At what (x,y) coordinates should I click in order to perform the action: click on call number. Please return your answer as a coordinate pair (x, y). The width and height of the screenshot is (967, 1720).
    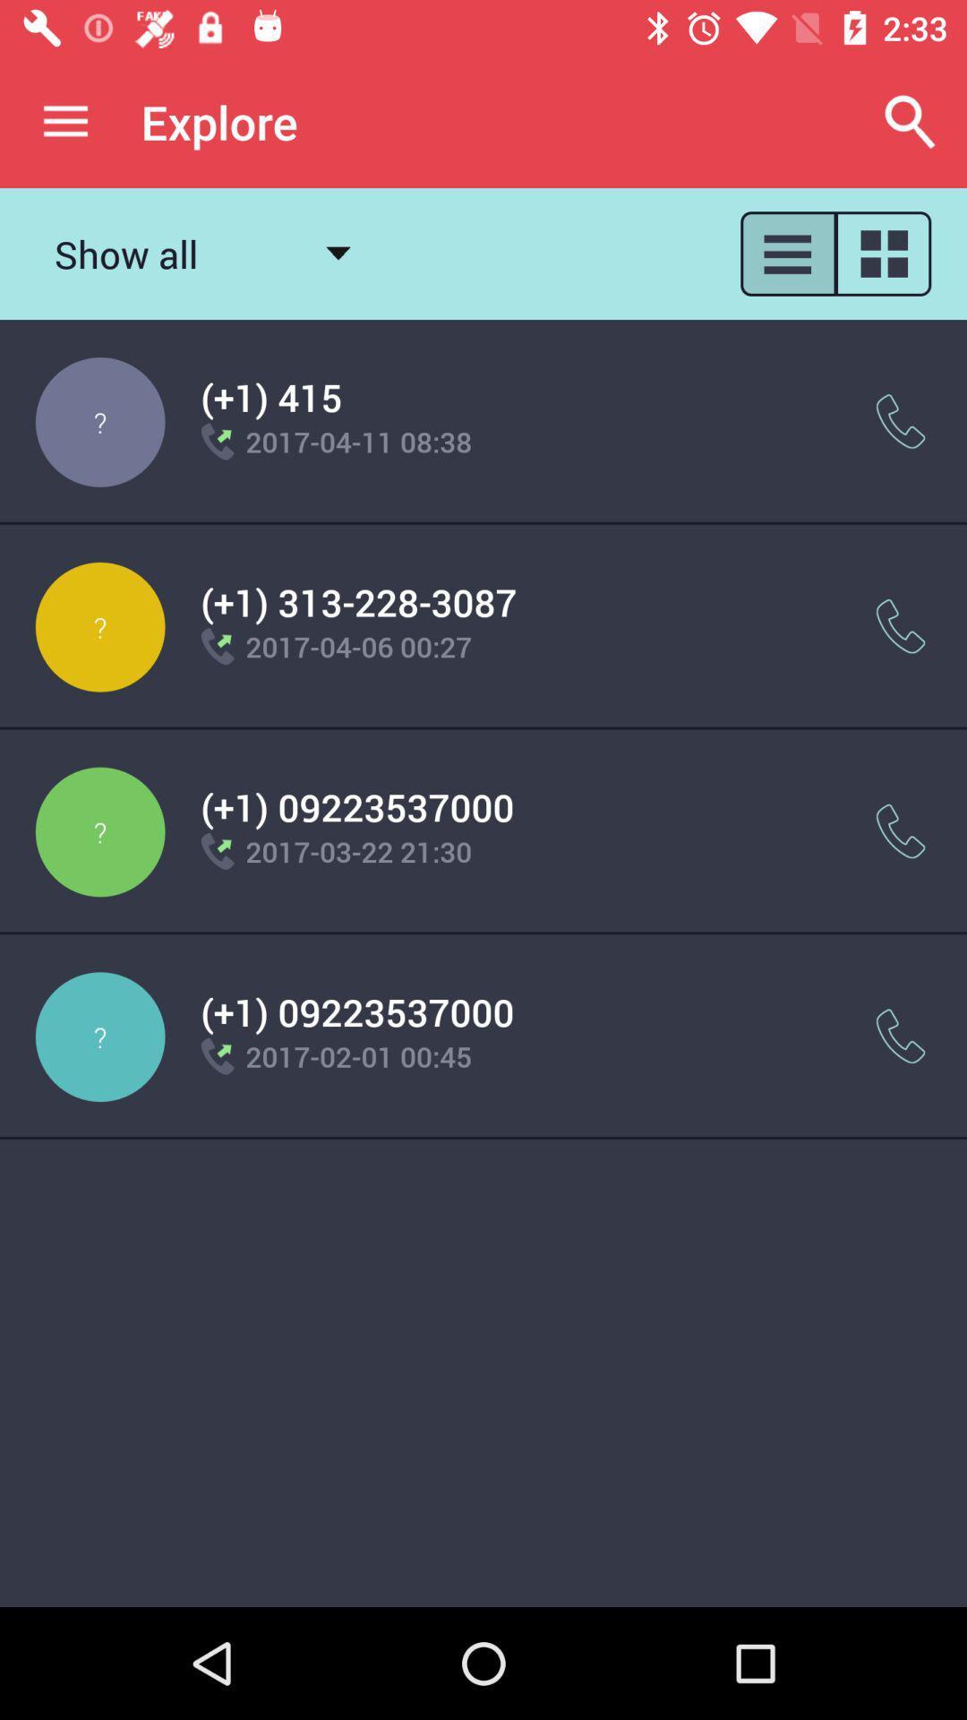
    Looking at the image, I should click on (901, 420).